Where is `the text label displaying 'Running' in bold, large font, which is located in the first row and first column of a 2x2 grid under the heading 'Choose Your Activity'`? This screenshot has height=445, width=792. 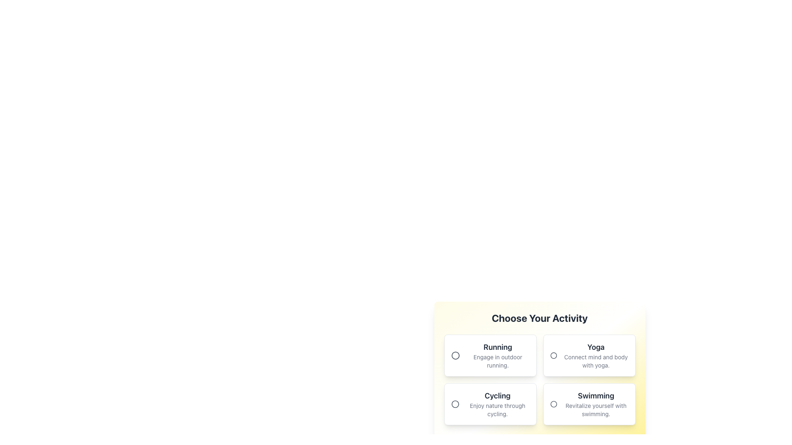 the text label displaying 'Running' in bold, large font, which is located in the first row and first column of a 2x2 grid under the heading 'Choose Your Activity' is located at coordinates (497, 347).